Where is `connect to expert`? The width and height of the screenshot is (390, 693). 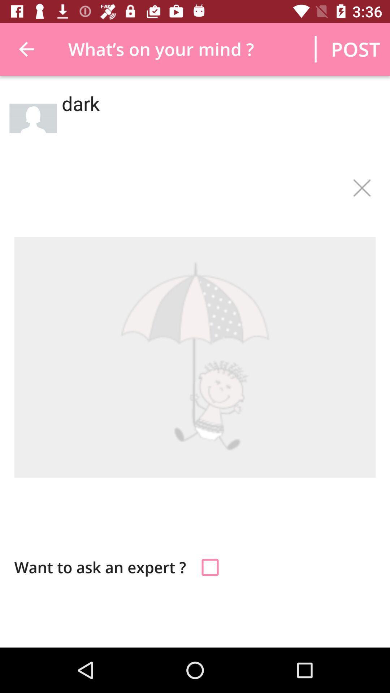 connect to expert is located at coordinates (210, 567).